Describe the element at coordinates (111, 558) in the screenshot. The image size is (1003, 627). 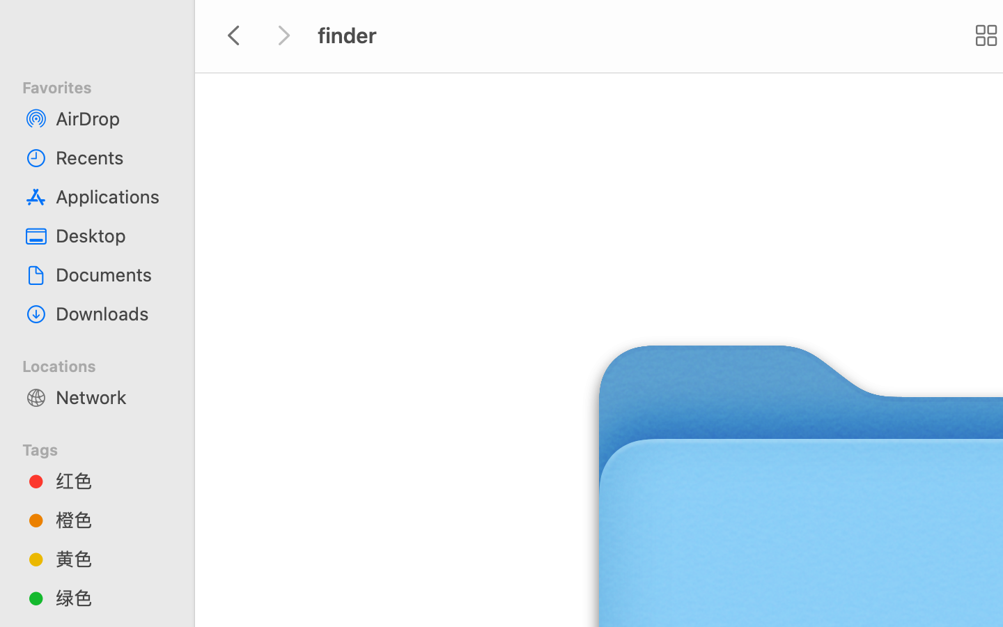
I see `'黄色'` at that location.